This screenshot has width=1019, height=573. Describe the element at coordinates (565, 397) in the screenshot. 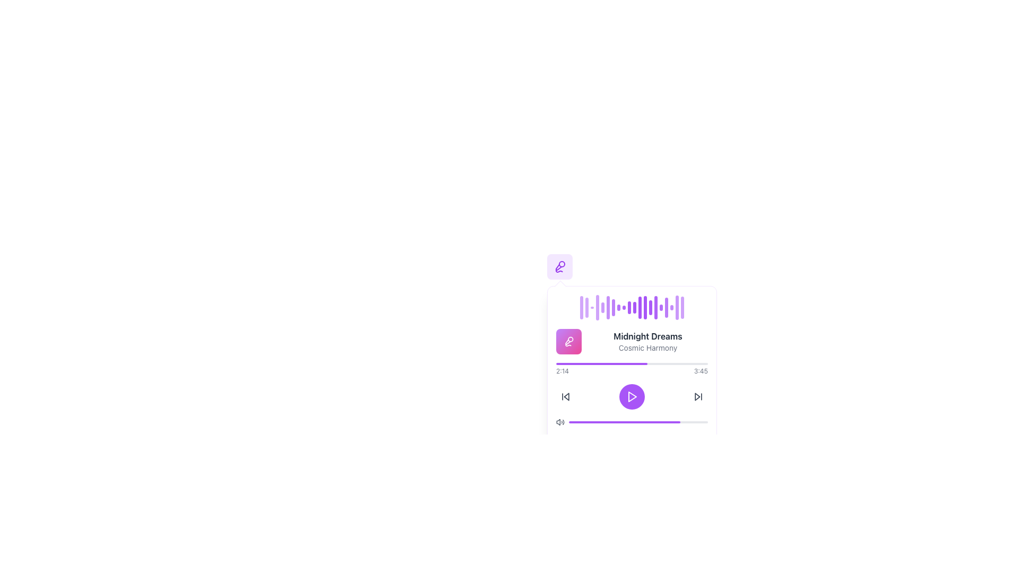

I see `the skip-backward button, which is represented by a gray triangular play symbol pointing leftwards, located in the media player controls to the left of the central play button` at that location.